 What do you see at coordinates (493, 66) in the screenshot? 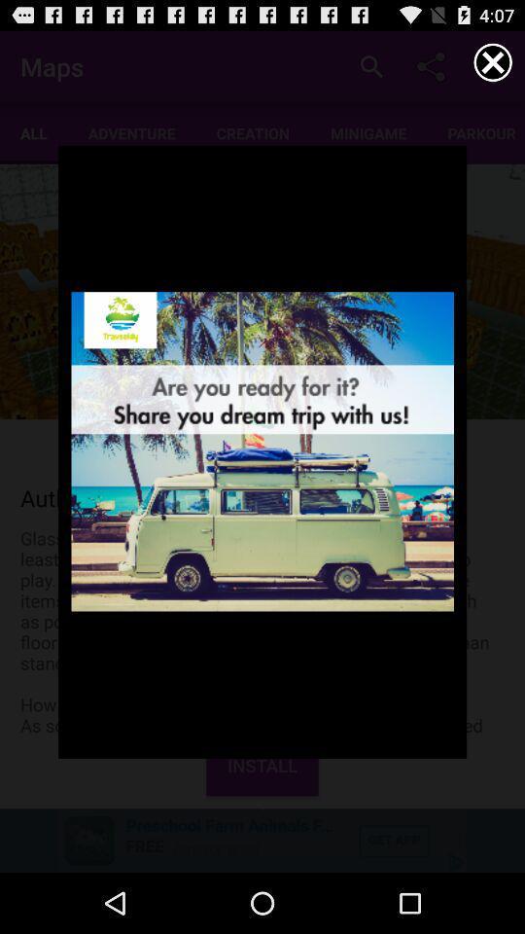
I see `the close icon` at bounding box center [493, 66].